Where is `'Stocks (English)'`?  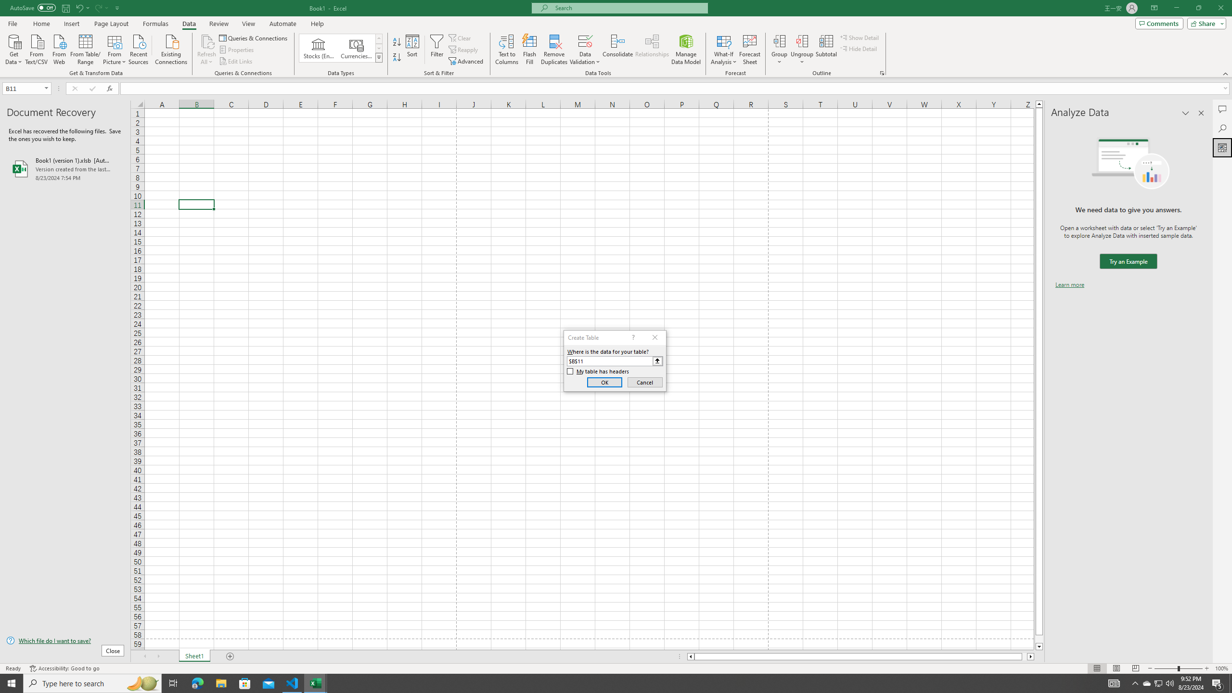
'Stocks (English)' is located at coordinates (318, 48).